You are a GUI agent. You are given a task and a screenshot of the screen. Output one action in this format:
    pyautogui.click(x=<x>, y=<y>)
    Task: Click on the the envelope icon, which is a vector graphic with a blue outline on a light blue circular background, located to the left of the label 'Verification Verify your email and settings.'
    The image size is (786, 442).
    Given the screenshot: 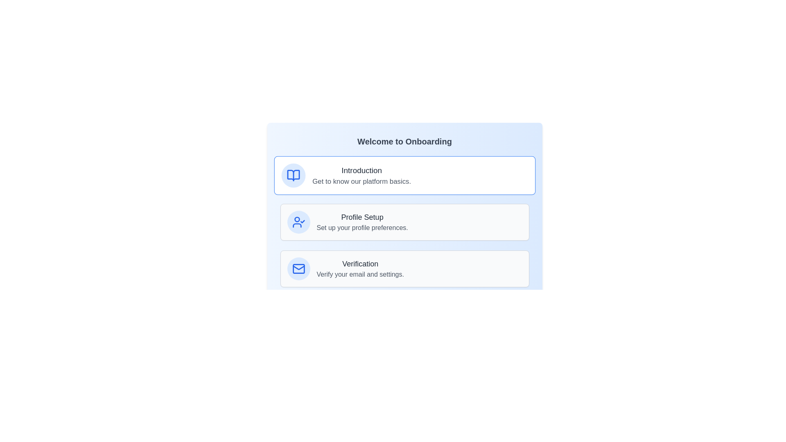 What is the action you would take?
    pyautogui.click(x=298, y=268)
    